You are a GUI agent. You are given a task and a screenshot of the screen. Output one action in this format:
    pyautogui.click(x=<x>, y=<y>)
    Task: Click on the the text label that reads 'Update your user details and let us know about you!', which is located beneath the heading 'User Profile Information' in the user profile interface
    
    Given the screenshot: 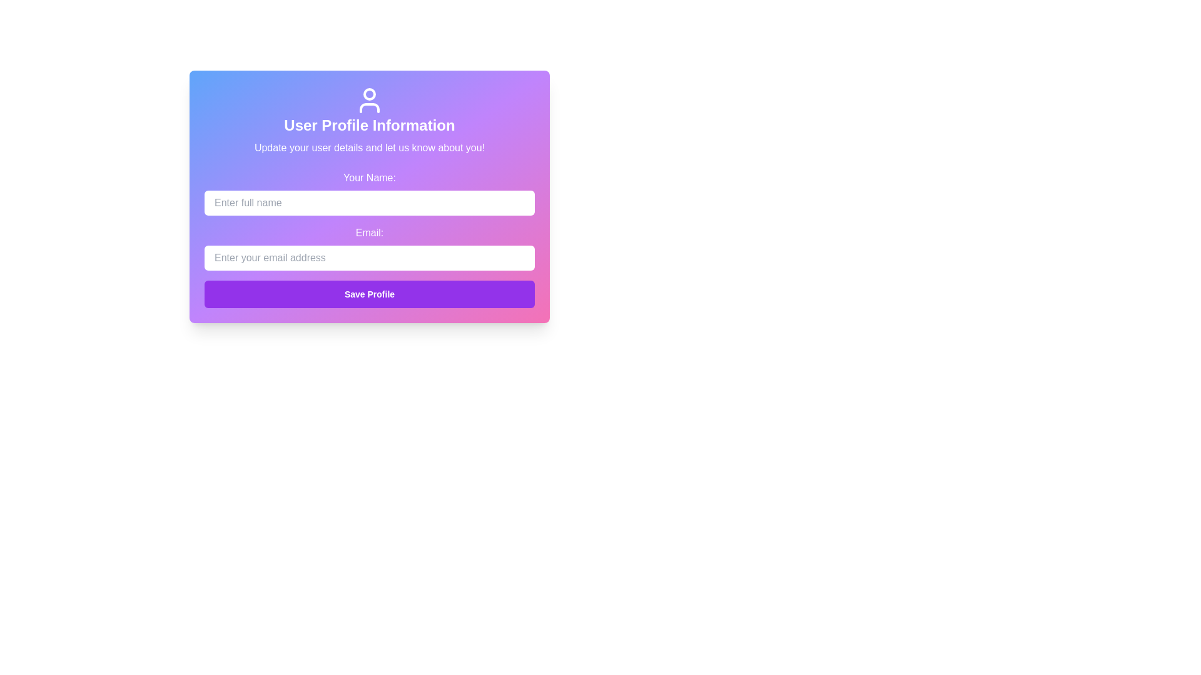 What is the action you would take?
    pyautogui.click(x=368, y=147)
    